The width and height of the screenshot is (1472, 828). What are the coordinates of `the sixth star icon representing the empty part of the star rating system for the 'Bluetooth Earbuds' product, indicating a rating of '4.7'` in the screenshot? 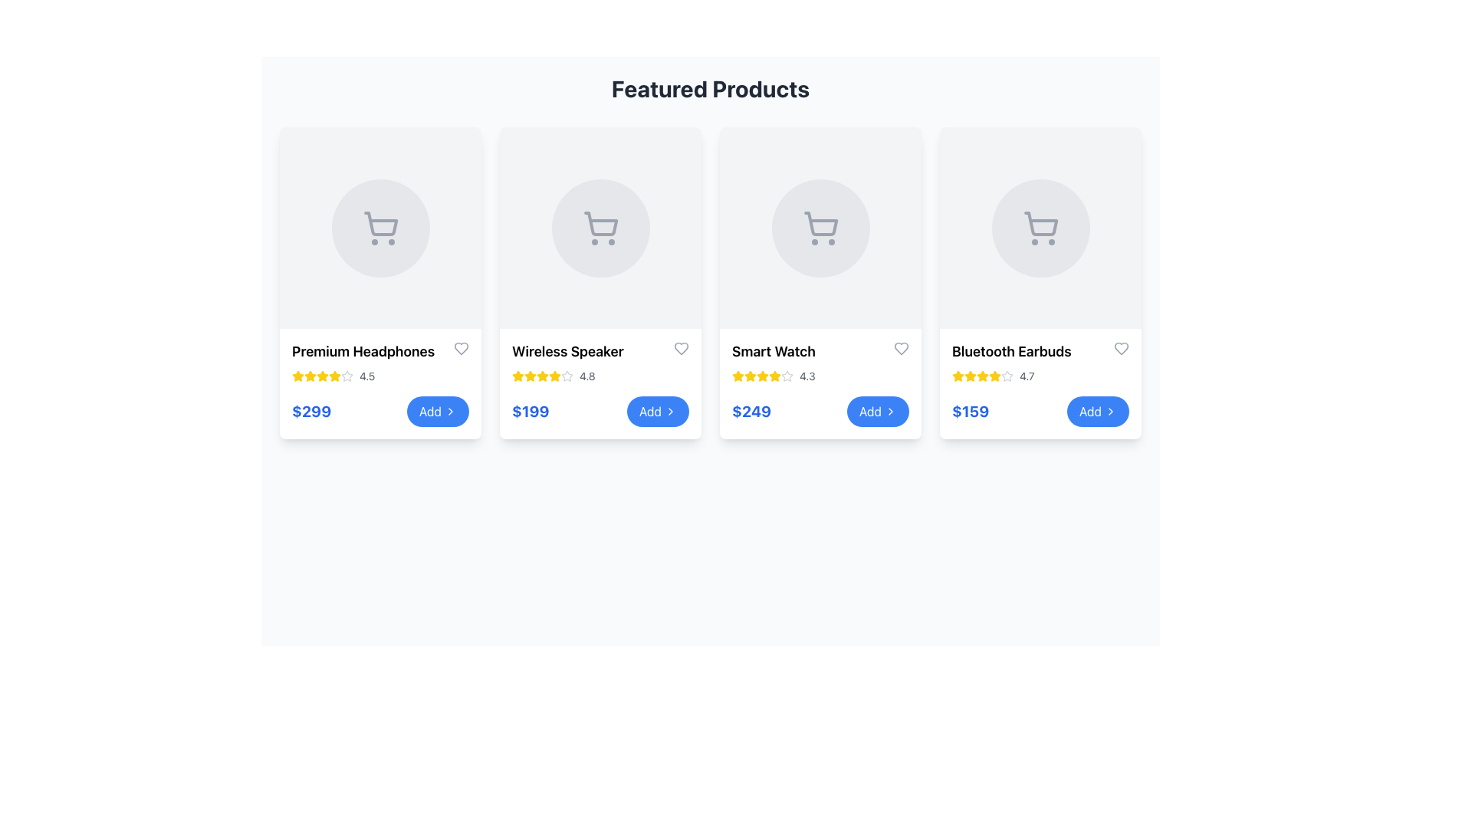 It's located at (1007, 376).